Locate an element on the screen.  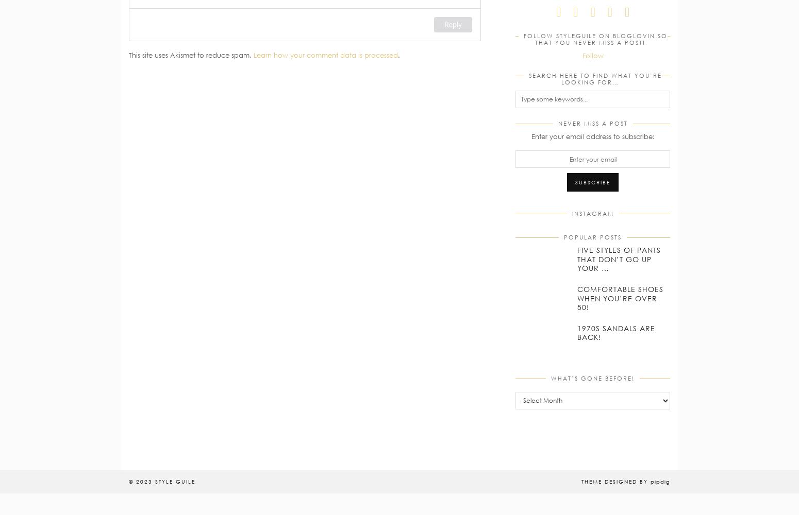
'Theme Designed by' is located at coordinates (616, 481).